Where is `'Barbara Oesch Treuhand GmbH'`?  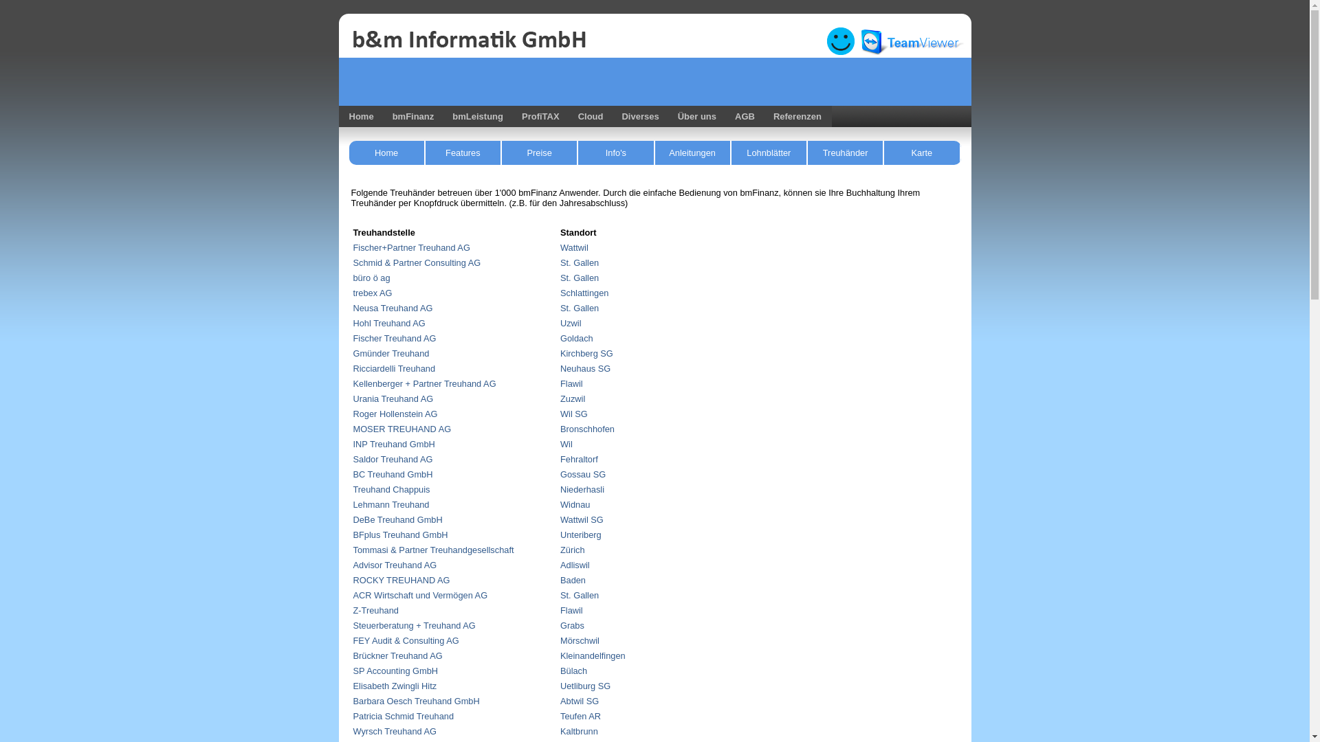
'Barbara Oesch Treuhand GmbH' is located at coordinates (415, 701).